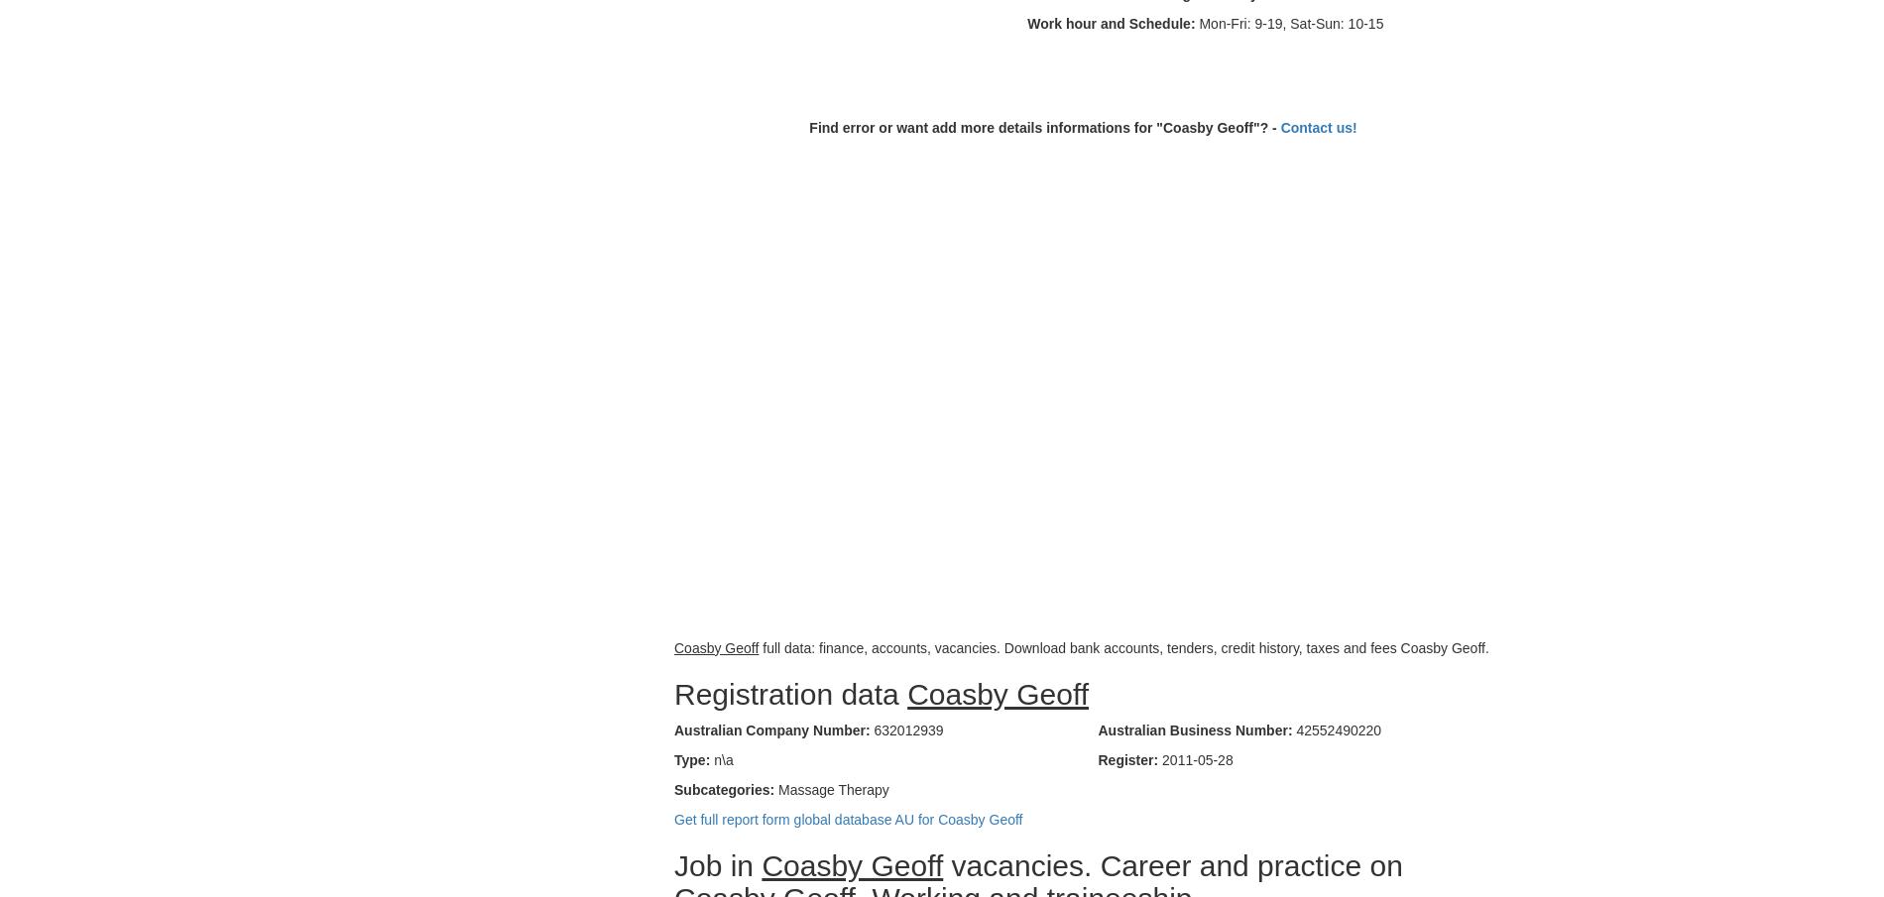 The image size is (1884, 897). What do you see at coordinates (723, 789) in the screenshot?
I see `'Subcategories:'` at bounding box center [723, 789].